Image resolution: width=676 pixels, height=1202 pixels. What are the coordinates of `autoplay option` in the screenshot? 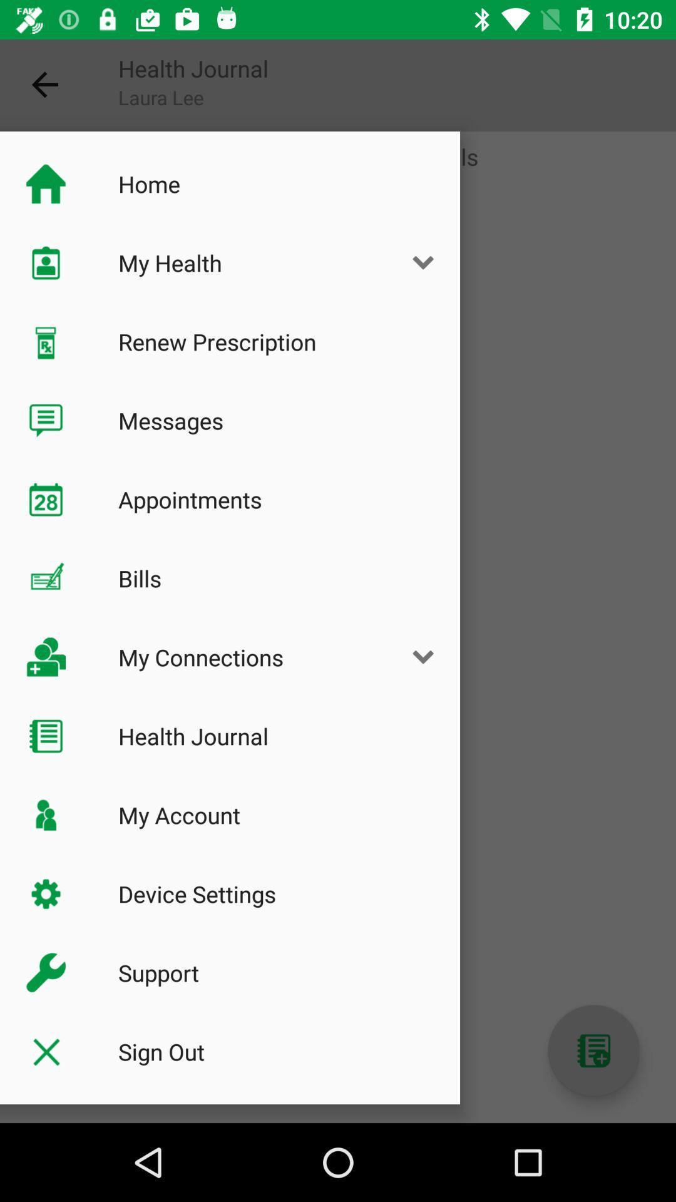 It's located at (593, 1050).